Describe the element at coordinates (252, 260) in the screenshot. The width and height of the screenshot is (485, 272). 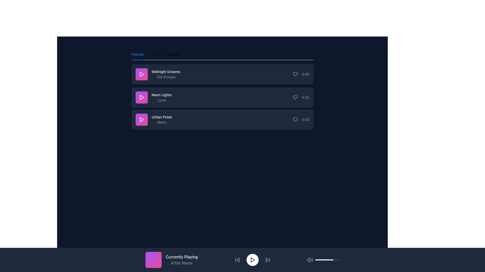
I see `the circular playback button with a triangular play icon located in the bottom playback control bar` at that location.